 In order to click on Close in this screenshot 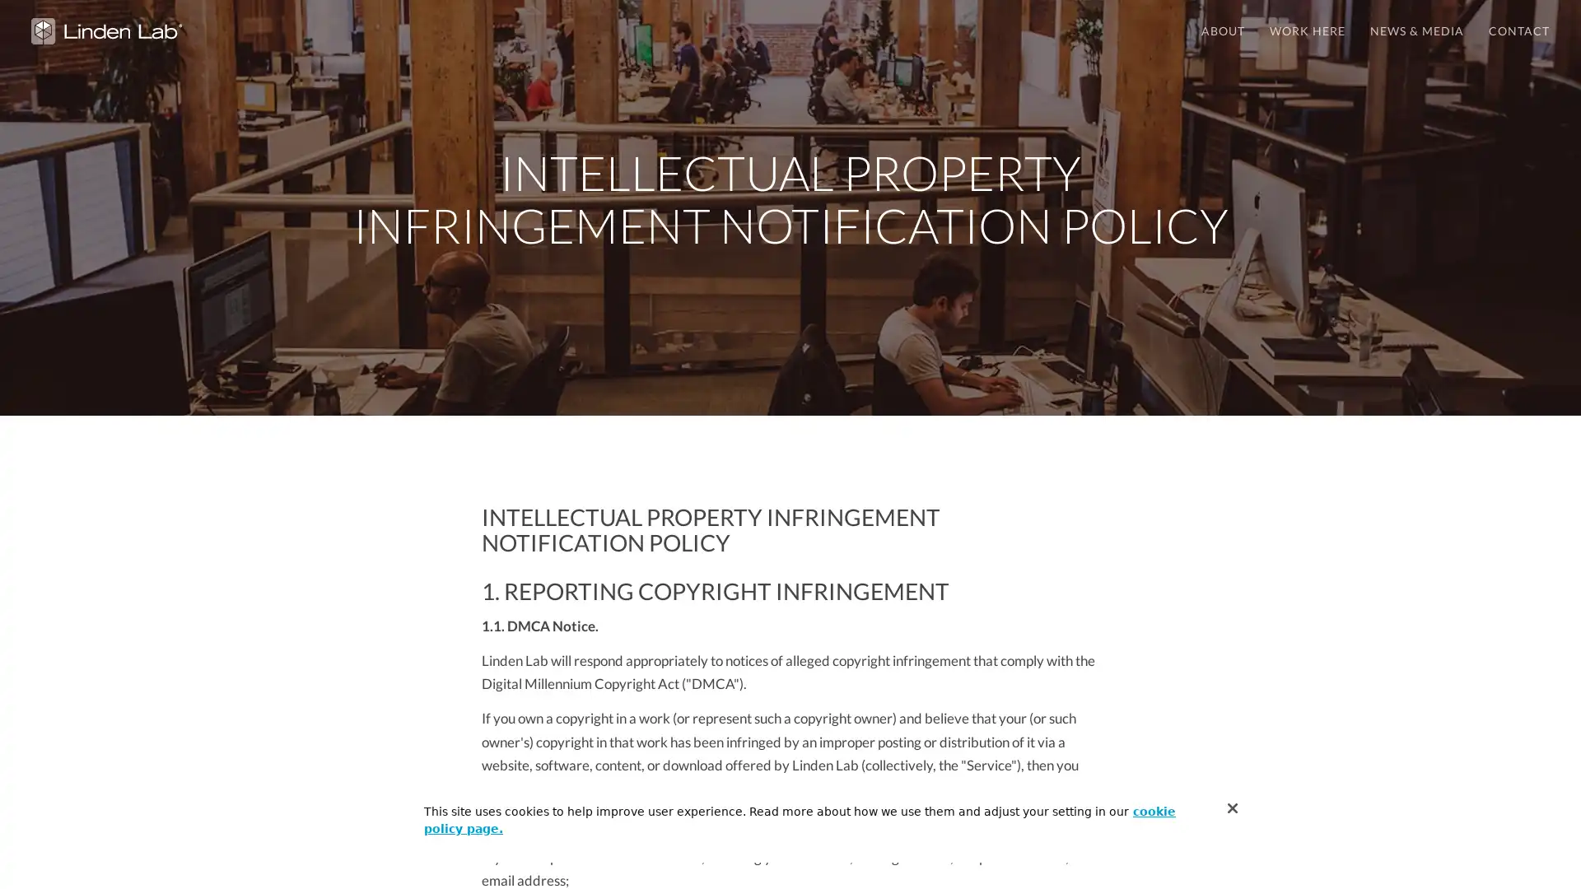, I will do `click(1233, 808)`.